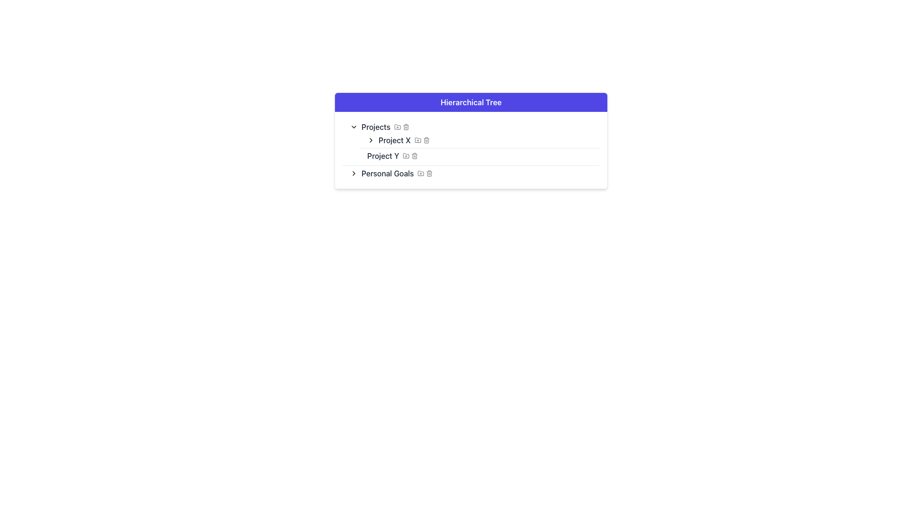 The height and width of the screenshot is (512, 911). Describe the element at coordinates (420, 174) in the screenshot. I see `the icon button to the left of the trash bin icon in the 'Personal Goals' list to initiate an action for adding a new item` at that location.